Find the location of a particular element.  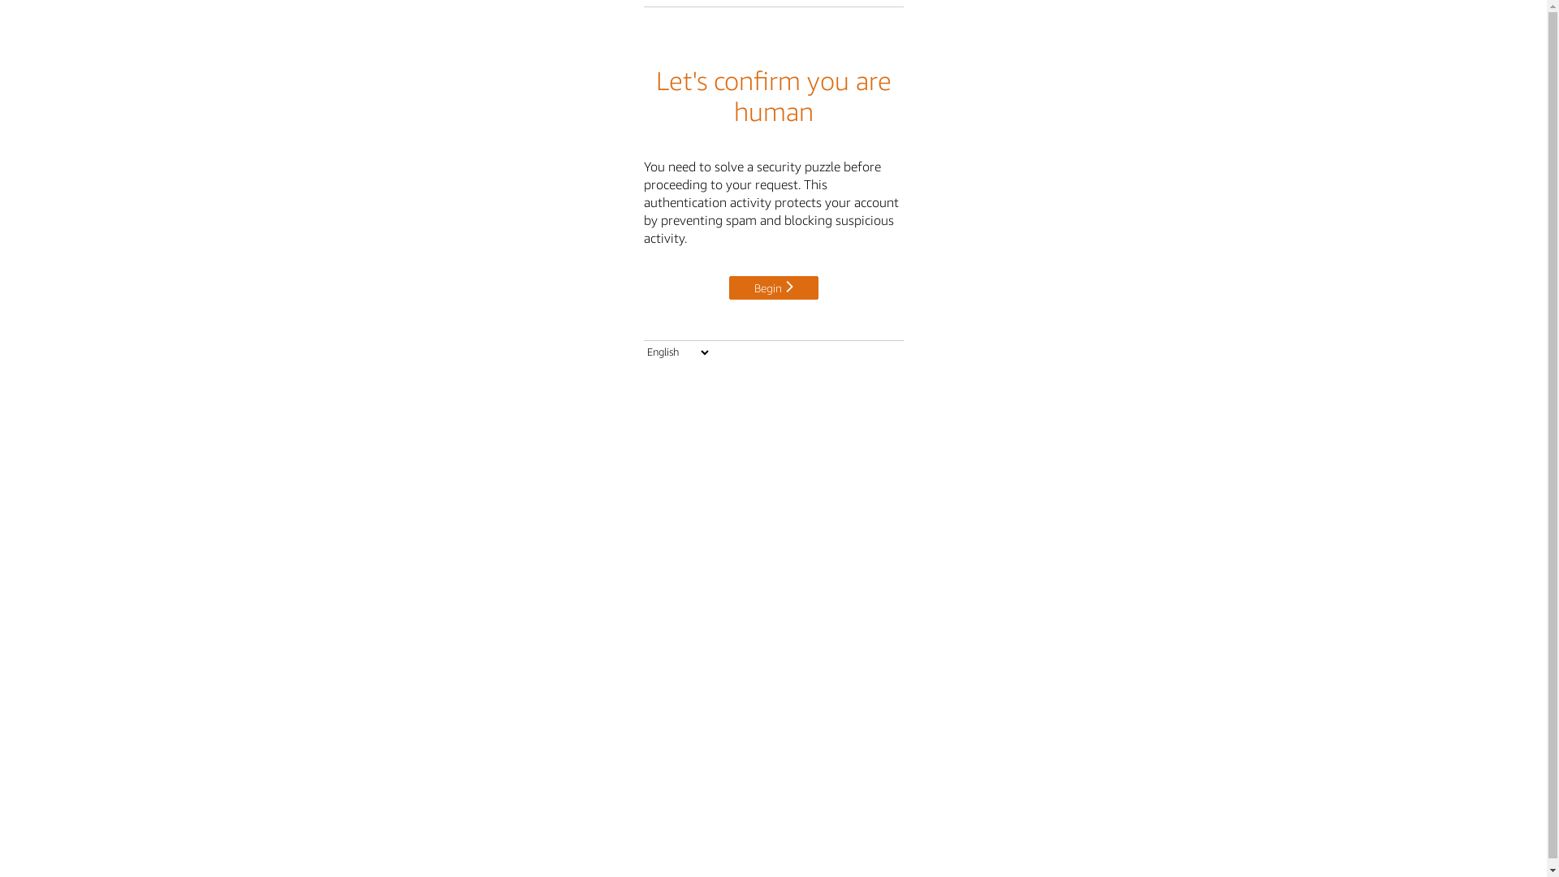

'Begin' is located at coordinates (773, 284).